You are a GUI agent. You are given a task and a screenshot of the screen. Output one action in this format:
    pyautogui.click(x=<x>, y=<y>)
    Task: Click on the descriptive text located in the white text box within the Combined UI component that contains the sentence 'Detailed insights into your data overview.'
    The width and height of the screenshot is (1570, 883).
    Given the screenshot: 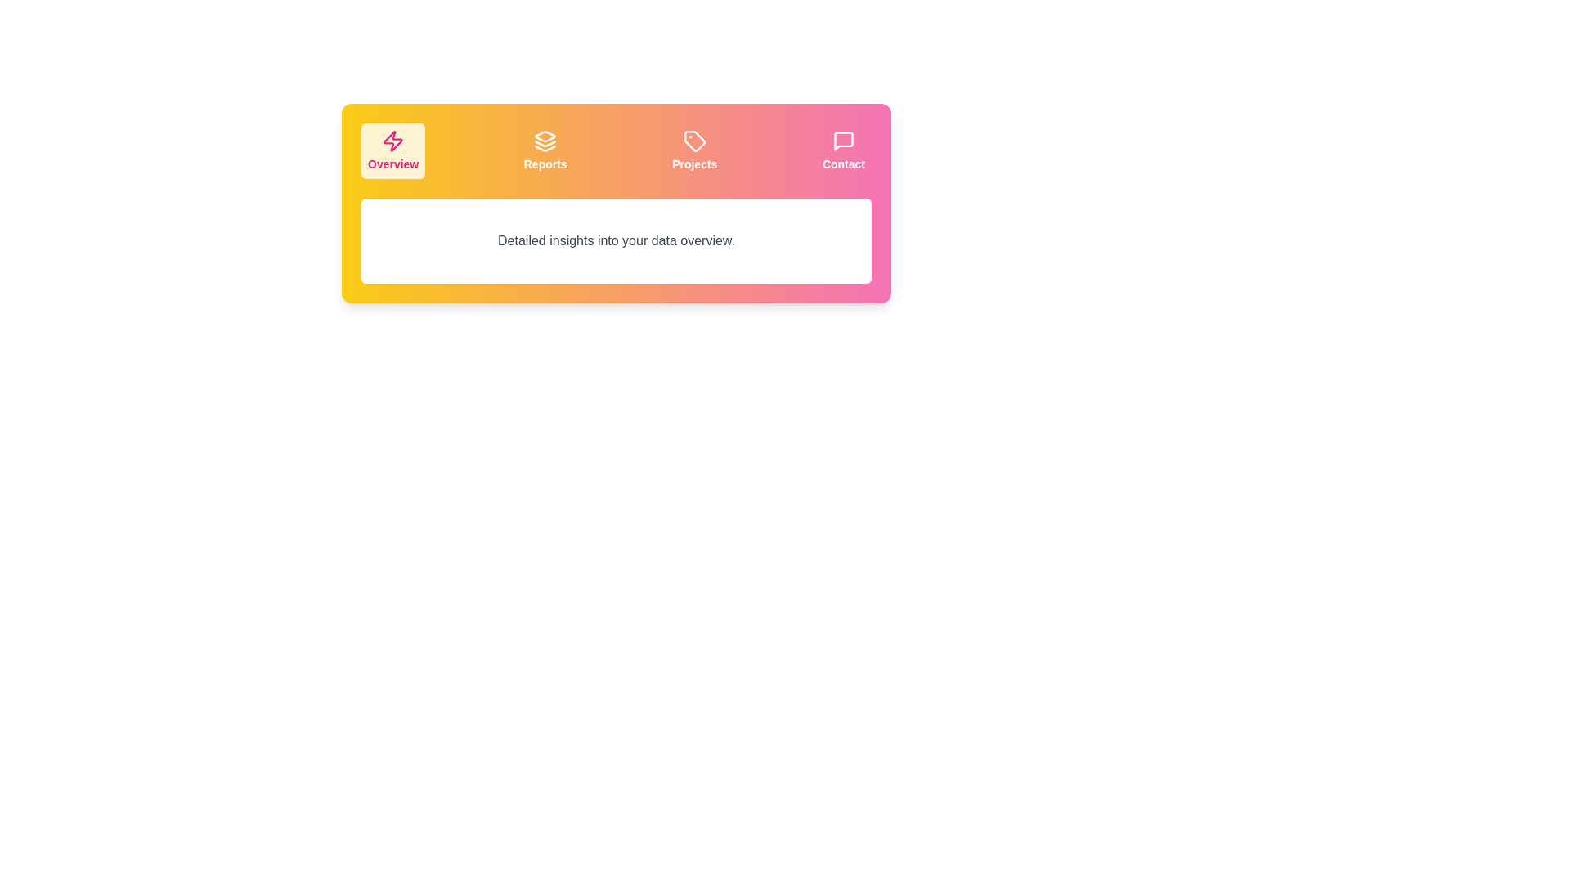 What is the action you would take?
    pyautogui.click(x=615, y=203)
    